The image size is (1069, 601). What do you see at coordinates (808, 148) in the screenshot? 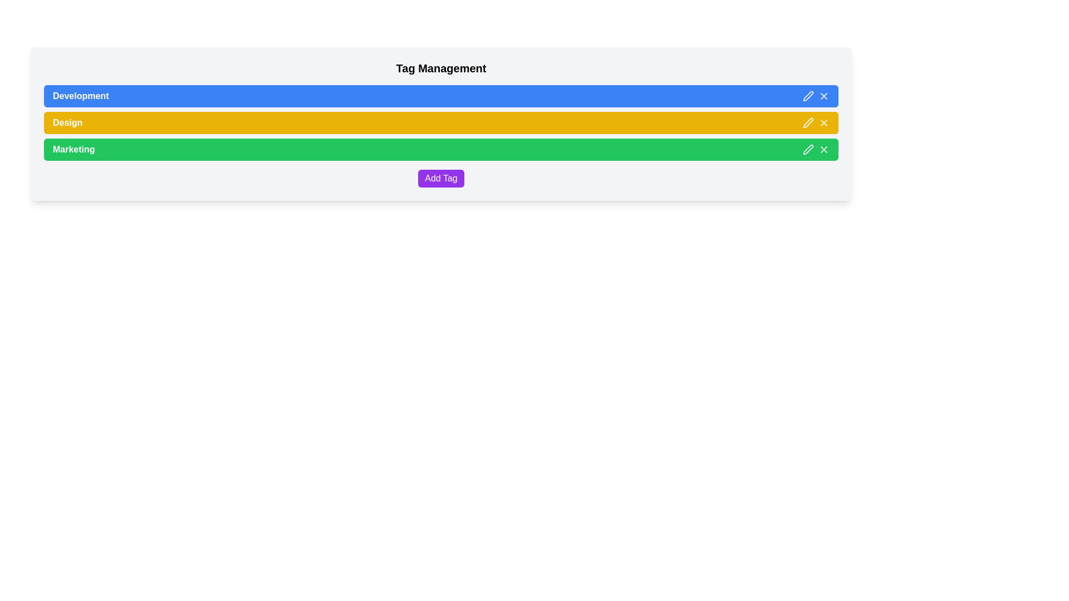
I see `the pen-shaped edit button icon located at the far right of the green 'Marketing' row` at bounding box center [808, 148].